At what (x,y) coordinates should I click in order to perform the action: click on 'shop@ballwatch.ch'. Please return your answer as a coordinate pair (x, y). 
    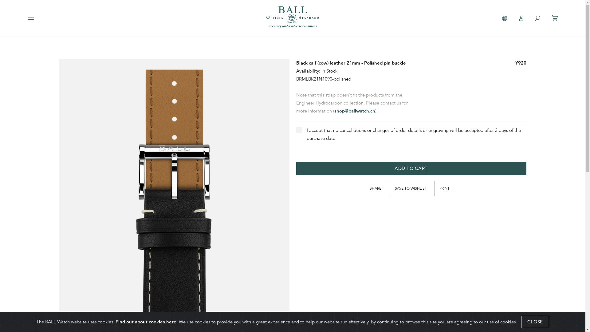
    Looking at the image, I should click on (355, 111).